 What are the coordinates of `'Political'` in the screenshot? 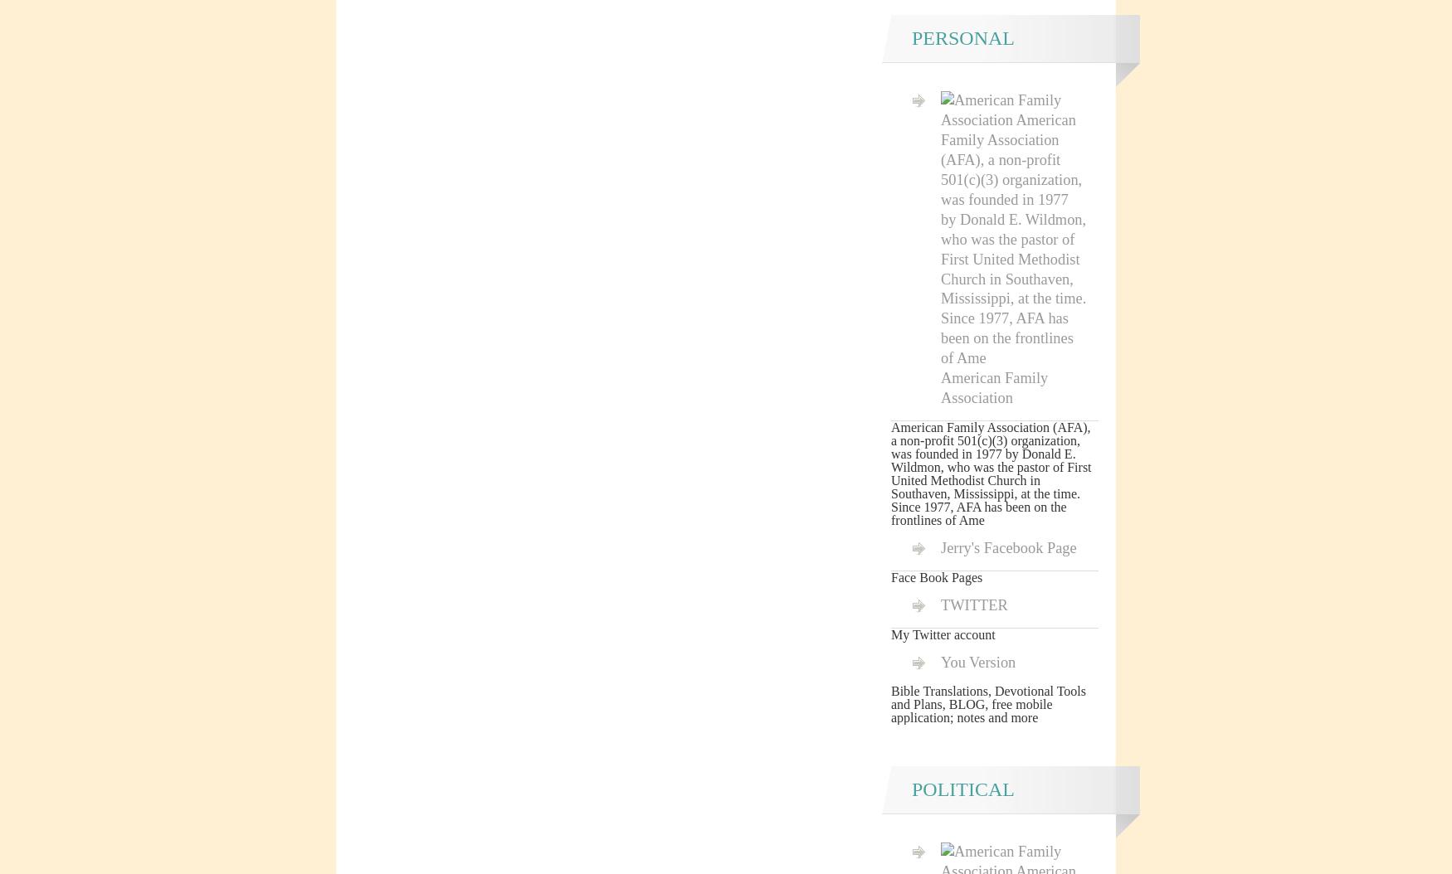 It's located at (962, 789).